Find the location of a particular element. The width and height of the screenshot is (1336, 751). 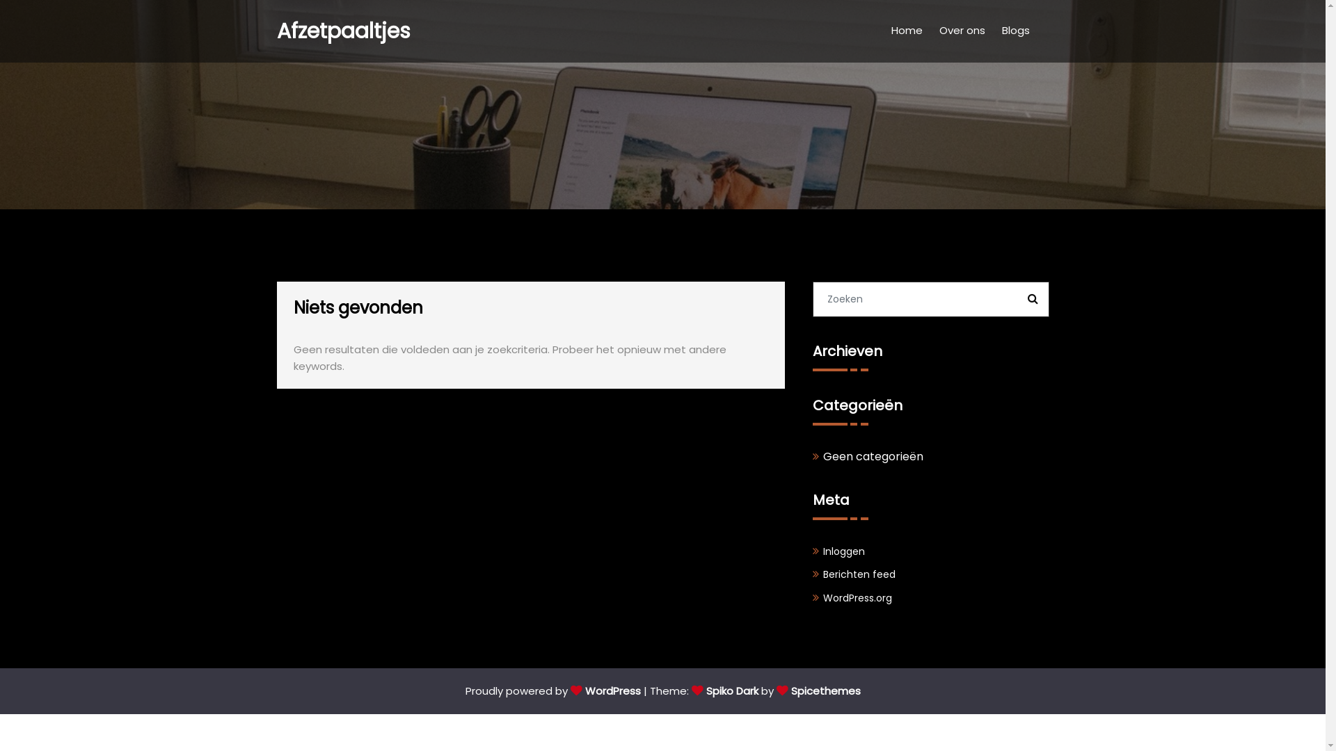

'Home' is located at coordinates (906, 31).